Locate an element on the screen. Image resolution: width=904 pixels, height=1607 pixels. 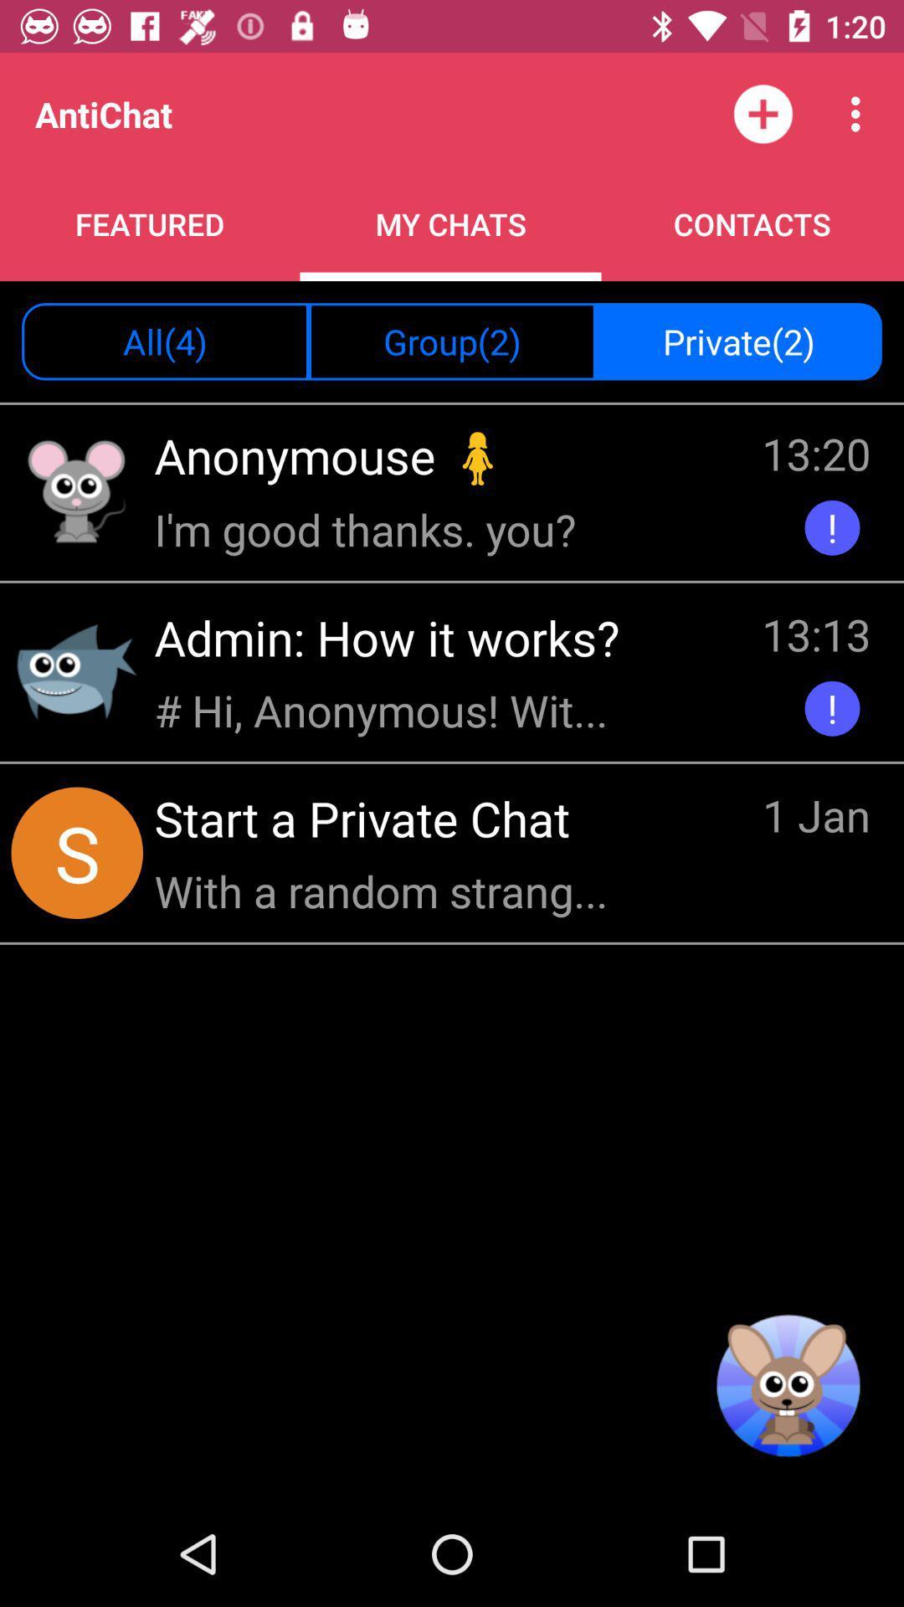
the item above the contacts item is located at coordinates (860, 113).